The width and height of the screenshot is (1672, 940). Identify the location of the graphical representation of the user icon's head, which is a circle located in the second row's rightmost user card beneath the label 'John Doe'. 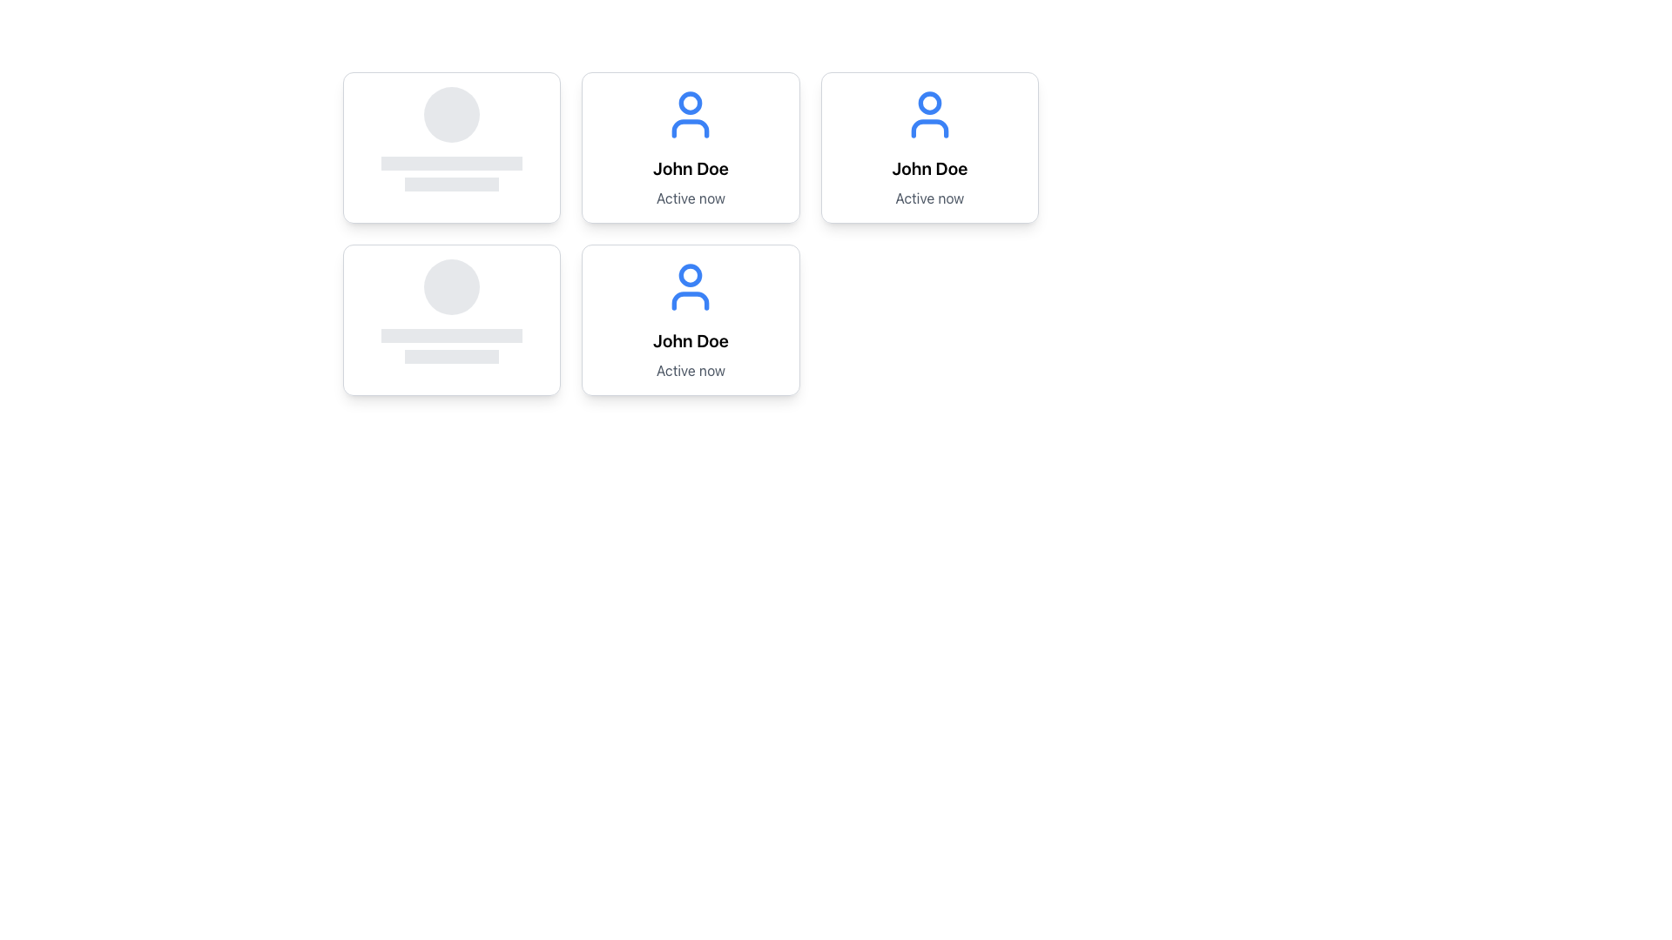
(690, 274).